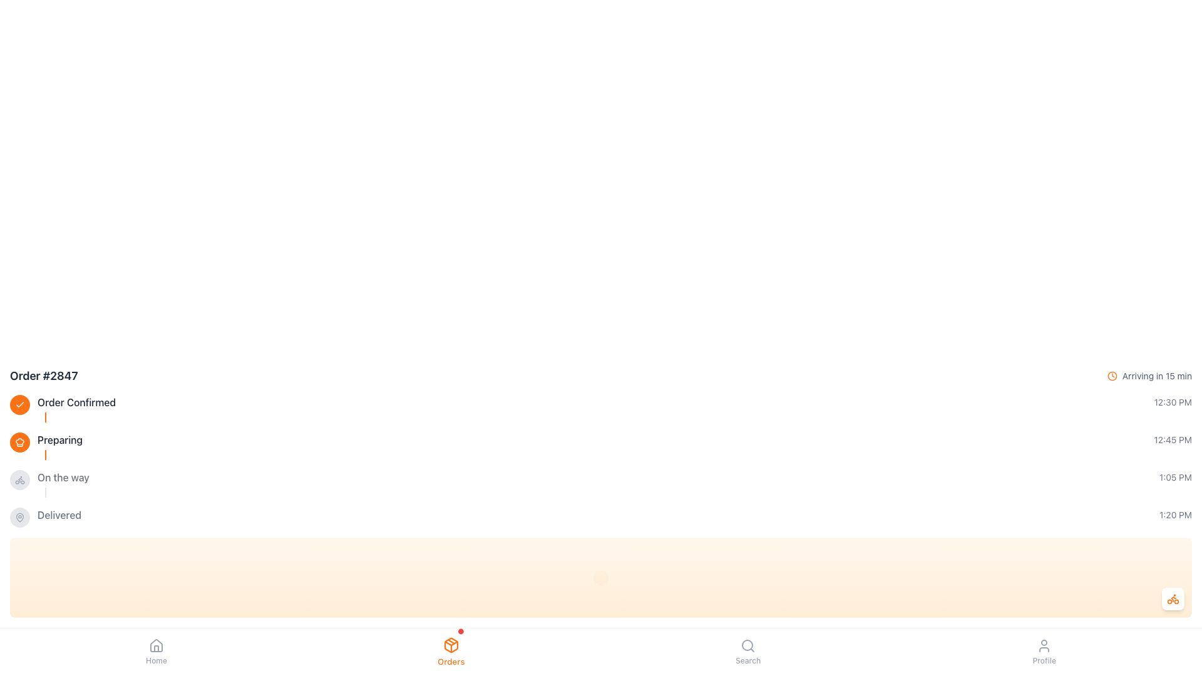 This screenshot has width=1202, height=676. What do you see at coordinates (63, 478) in the screenshot?
I see `the text label displaying 'On the way', located below the 'Preparing' label and above the 'Delivered' label, indicating delivery status` at bounding box center [63, 478].